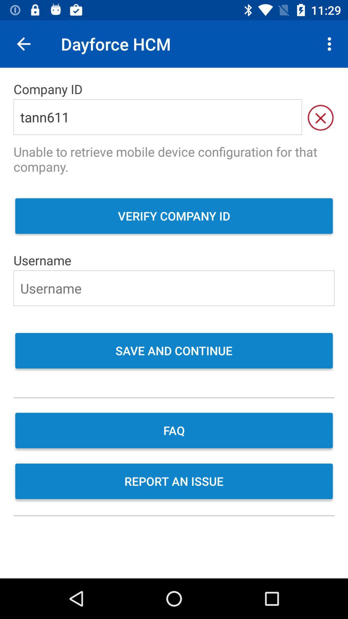 This screenshot has height=619, width=348. I want to click on the icon below username icon, so click(174, 288).